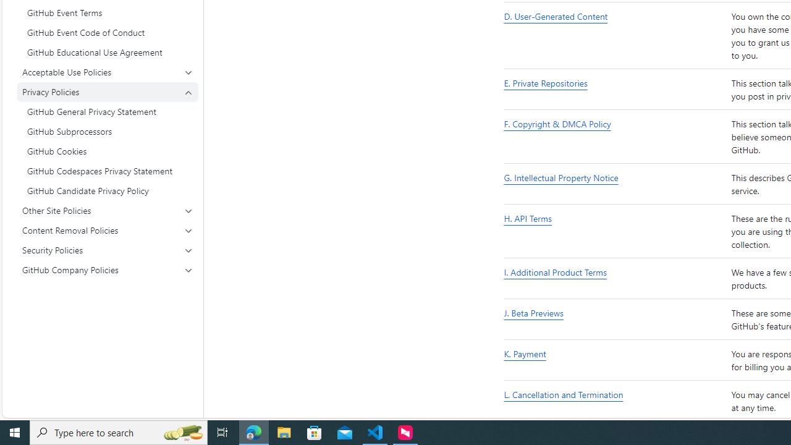 This screenshot has width=791, height=445. I want to click on 'GitHub Event Terms', so click(108, 12).